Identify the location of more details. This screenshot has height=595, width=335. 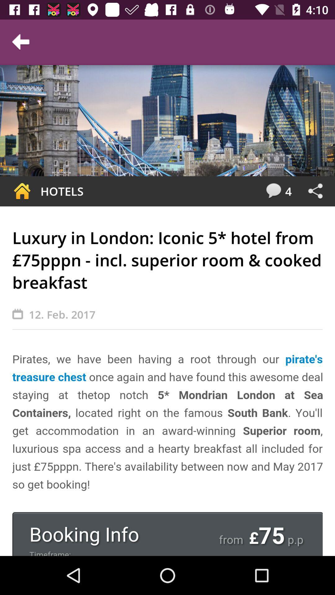
(167, 453).